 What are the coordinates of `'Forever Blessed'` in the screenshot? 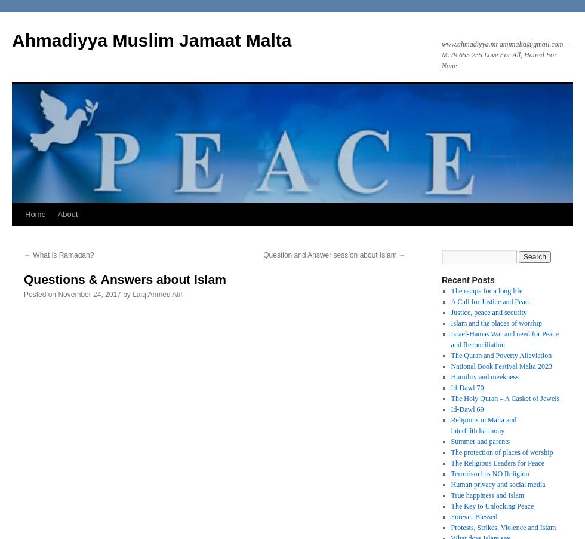 It's located at (473, 517).